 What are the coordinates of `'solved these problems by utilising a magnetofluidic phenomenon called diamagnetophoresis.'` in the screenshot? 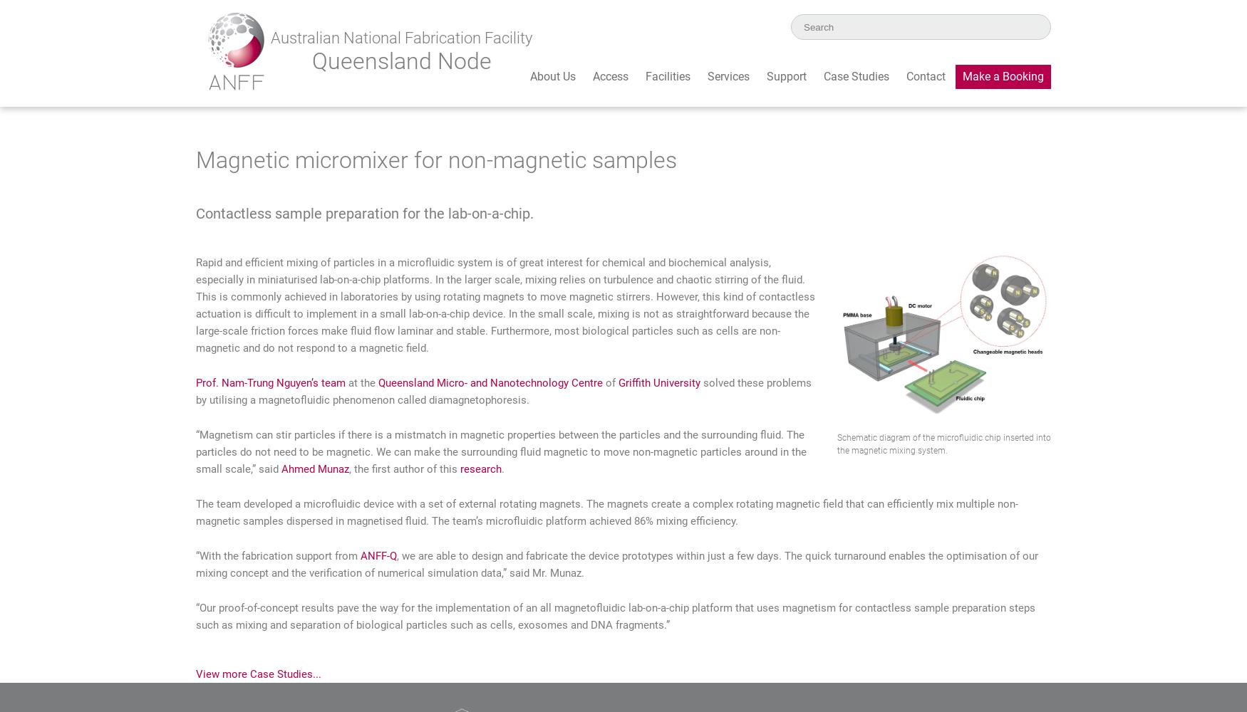 It's located at (504, 391).